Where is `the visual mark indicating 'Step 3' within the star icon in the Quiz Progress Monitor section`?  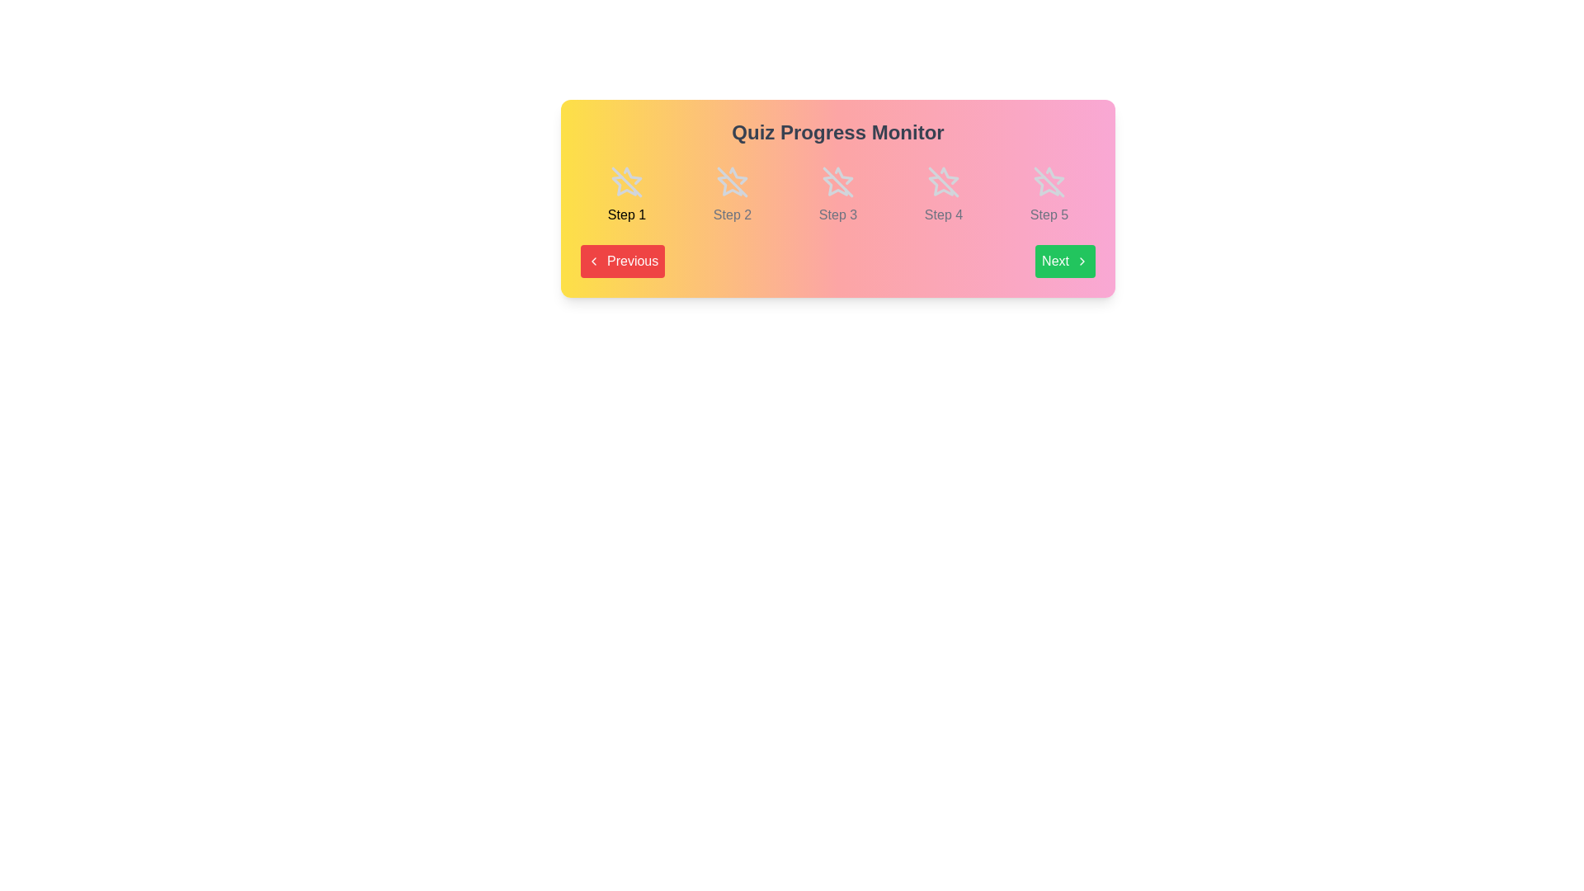
the visual mark indicating 'Step 3' within the star icon in the Quiz Progress Monitor section is located at coordinates (838, 181).